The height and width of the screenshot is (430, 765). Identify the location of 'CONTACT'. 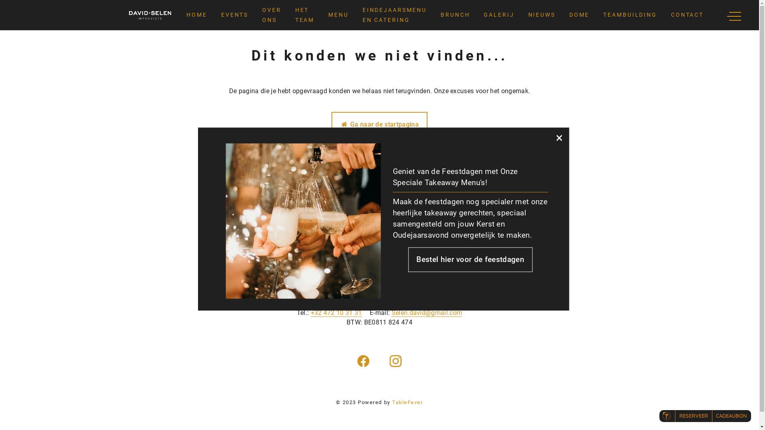
(687, 15).